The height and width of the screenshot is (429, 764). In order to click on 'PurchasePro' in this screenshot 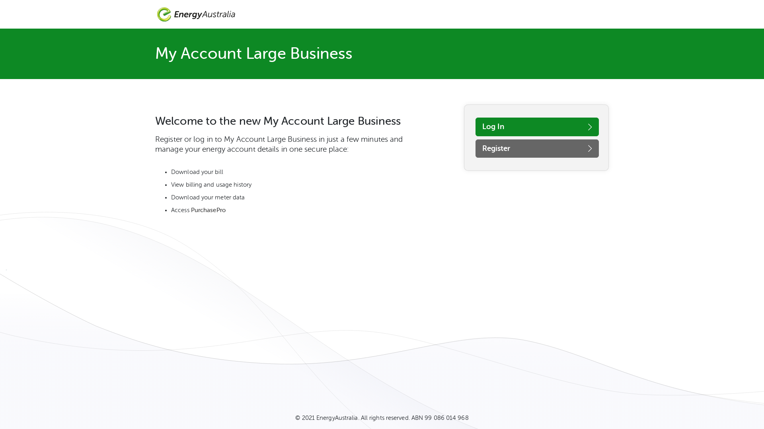, I will do `click(208, 210)`.